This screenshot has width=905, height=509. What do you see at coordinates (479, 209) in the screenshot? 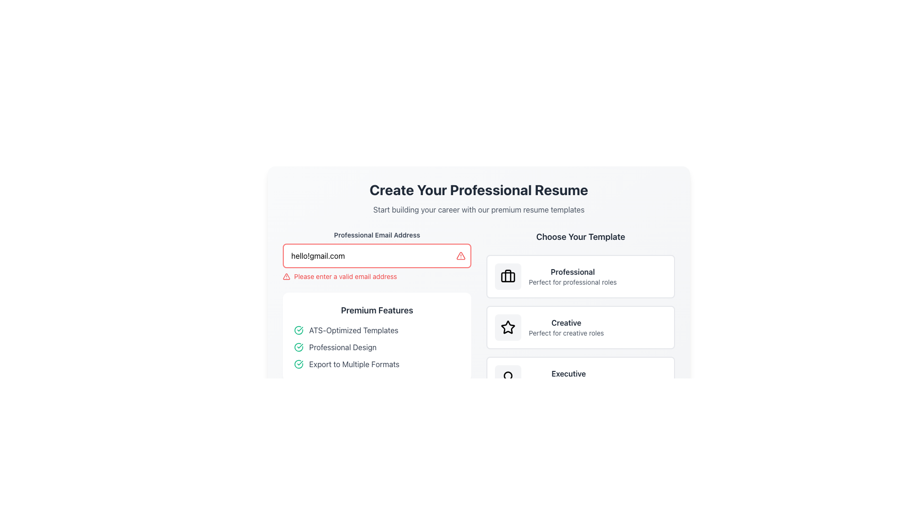
I see `the text displaying 'Start building your career with our premium resume templates', which is styled with a gray font and positioned beneath the heading 'Create Your Professional Resume'` at bounding box center [479, 209].